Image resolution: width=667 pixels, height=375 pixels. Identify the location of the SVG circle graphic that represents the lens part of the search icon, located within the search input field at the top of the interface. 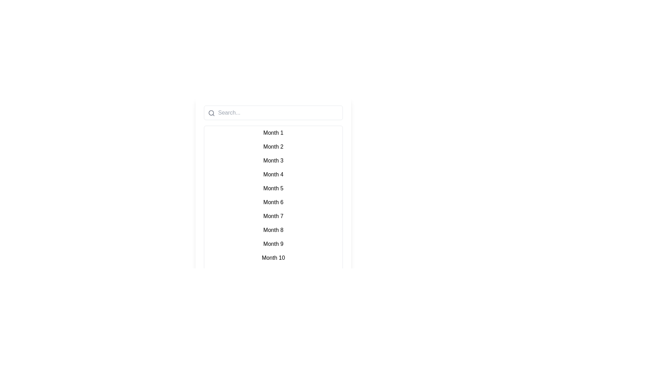
(211, 112).